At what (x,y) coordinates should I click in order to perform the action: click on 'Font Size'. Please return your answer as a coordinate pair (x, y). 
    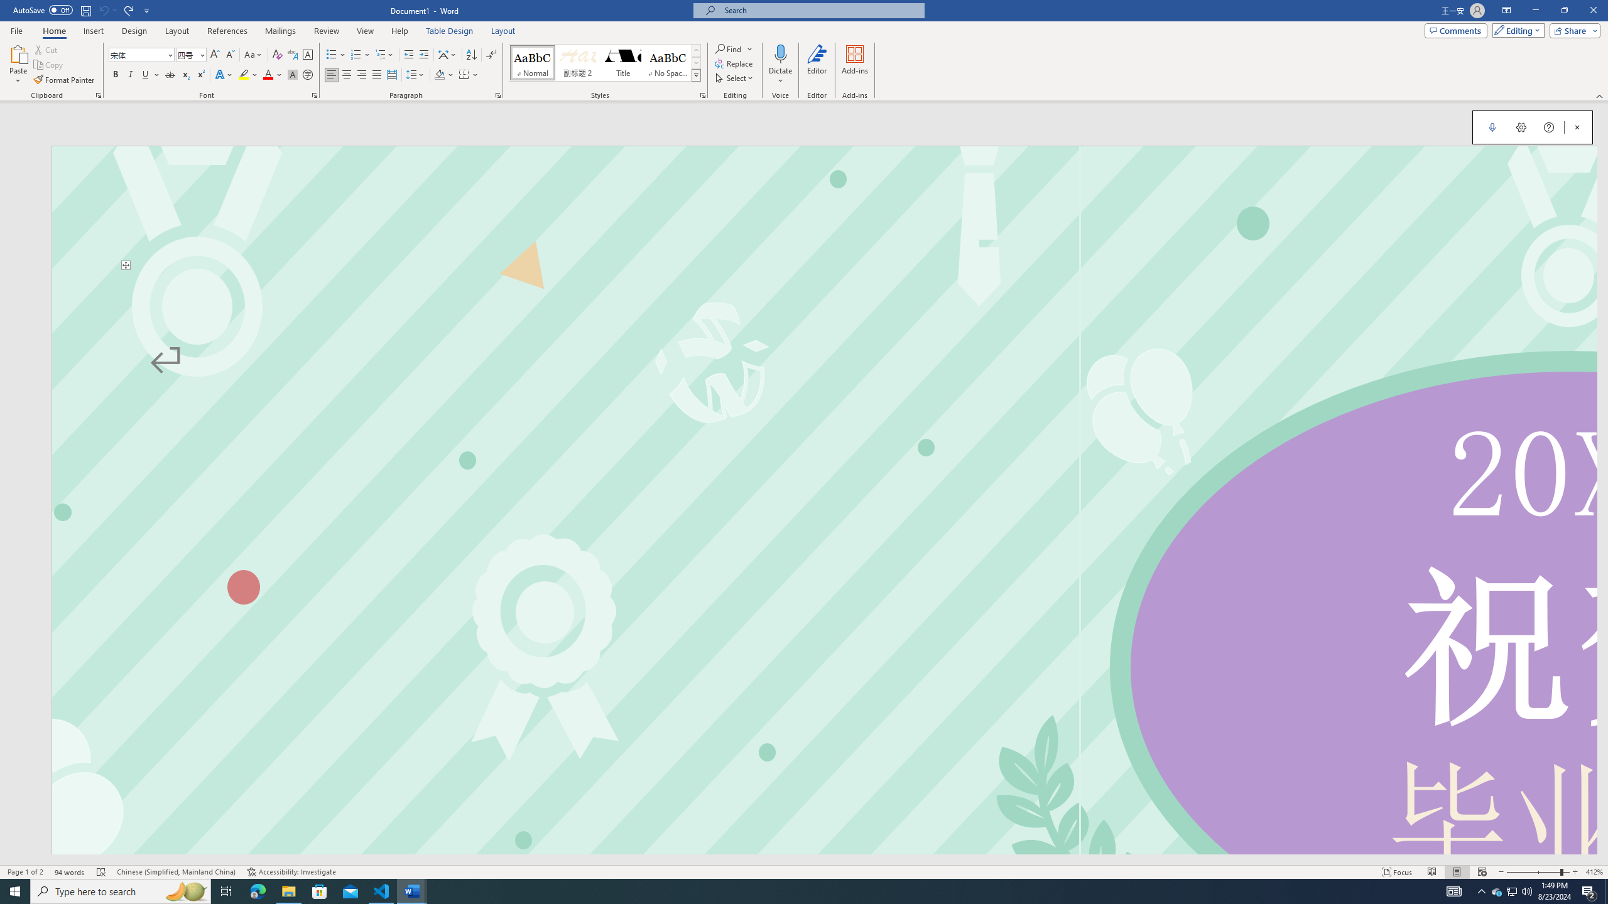
    Looking at the image, I should click on (190, 55).